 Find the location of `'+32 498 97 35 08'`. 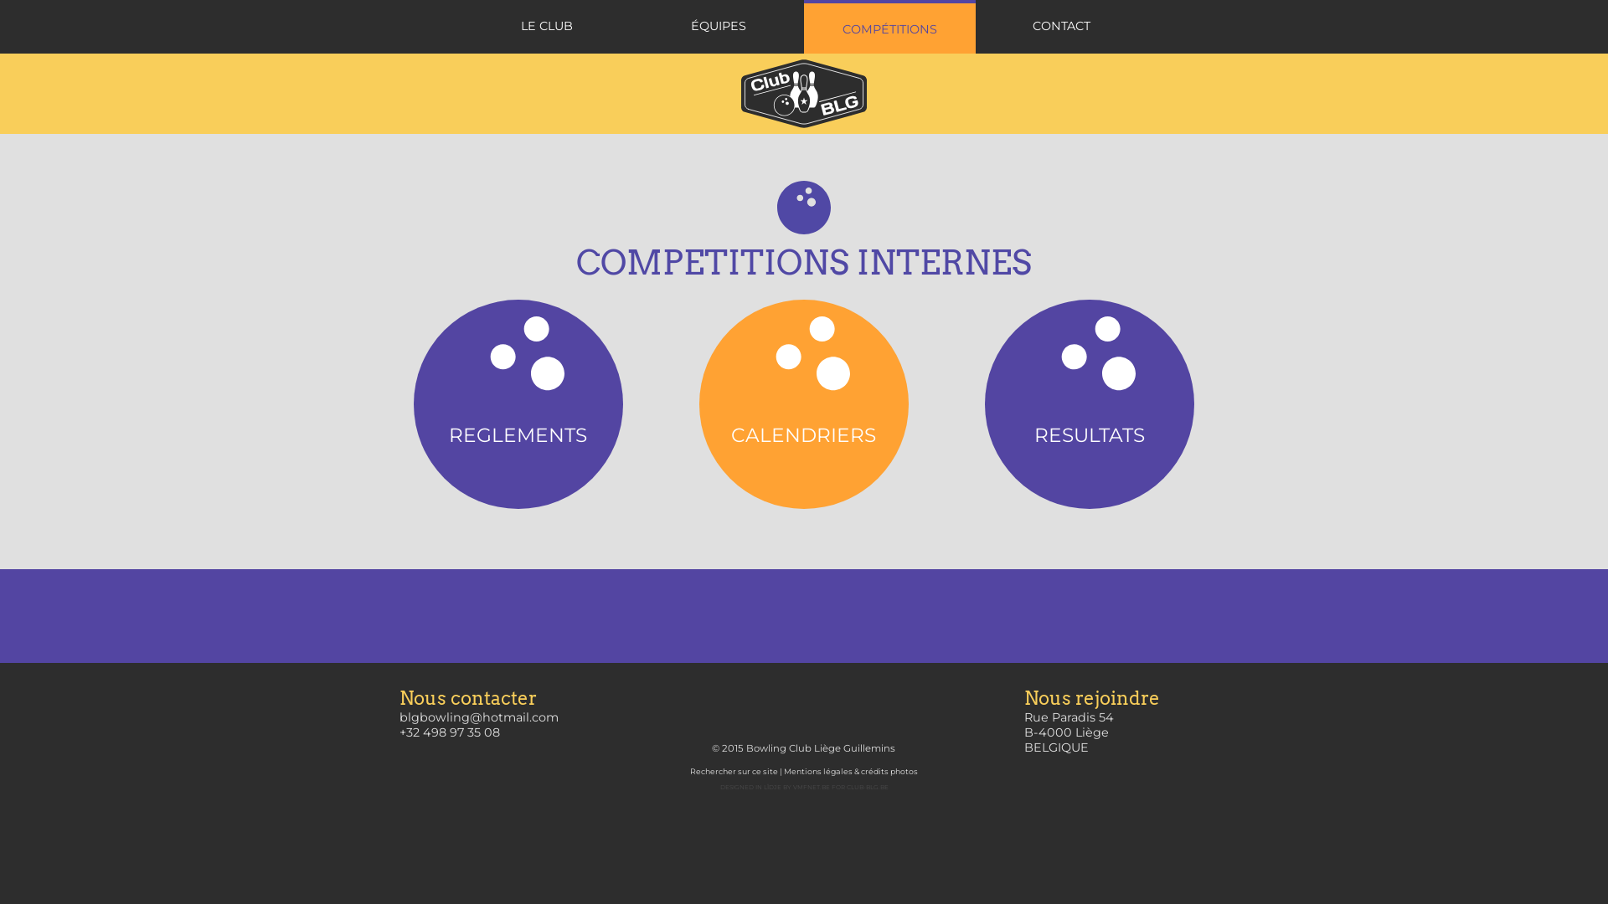

'+32 498 97 35 08' is located at coordinates (450, 732).